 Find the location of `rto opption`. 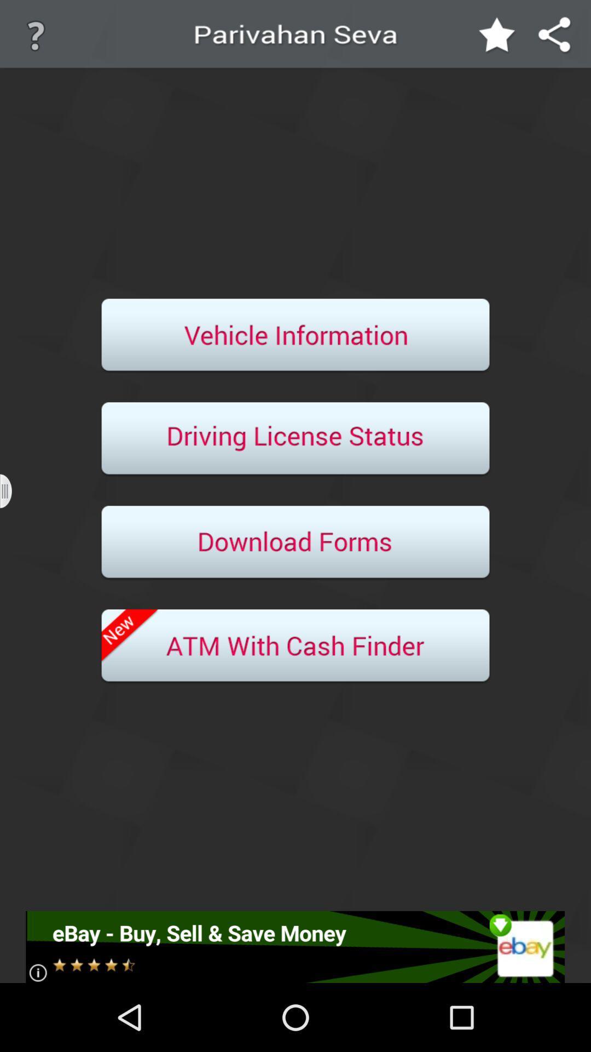

rto opption is located at coordinates (296, 335).